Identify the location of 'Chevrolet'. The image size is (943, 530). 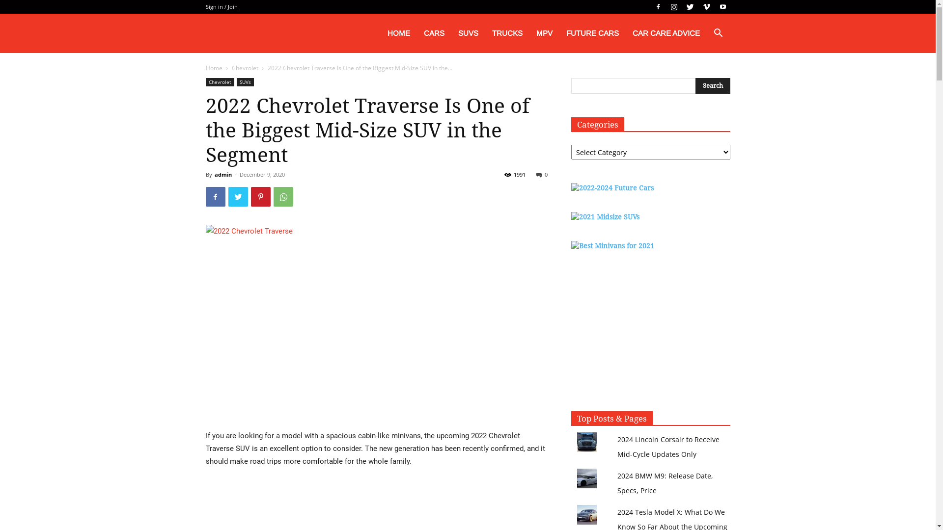
(219, 81).